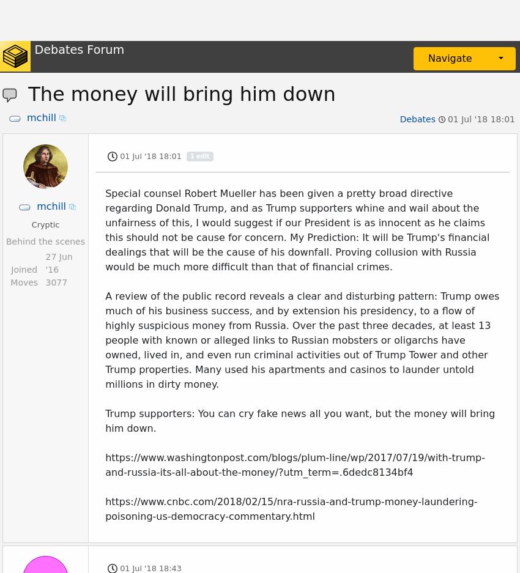  What do you see at coordinates (105, 282) in the screenshot?
I see `'The only way to bring down Trump for money laundering is to bring down a lot of people more powerful than him at the same time. Ask Carl Levin about it.'` at bounding box center [105, 282].